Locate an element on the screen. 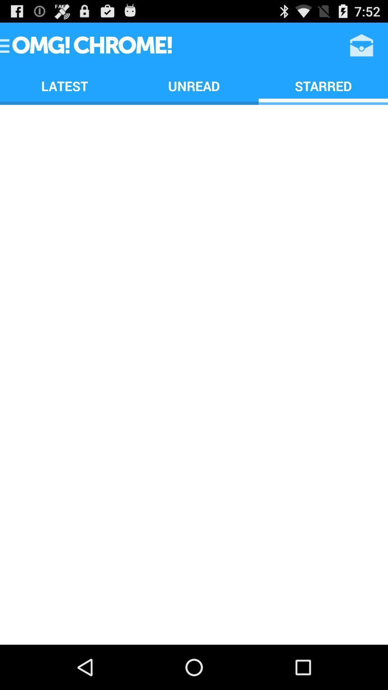 This screenshot has height=690, width=388. app to the left of starred app is located at coordinates (194, 86).